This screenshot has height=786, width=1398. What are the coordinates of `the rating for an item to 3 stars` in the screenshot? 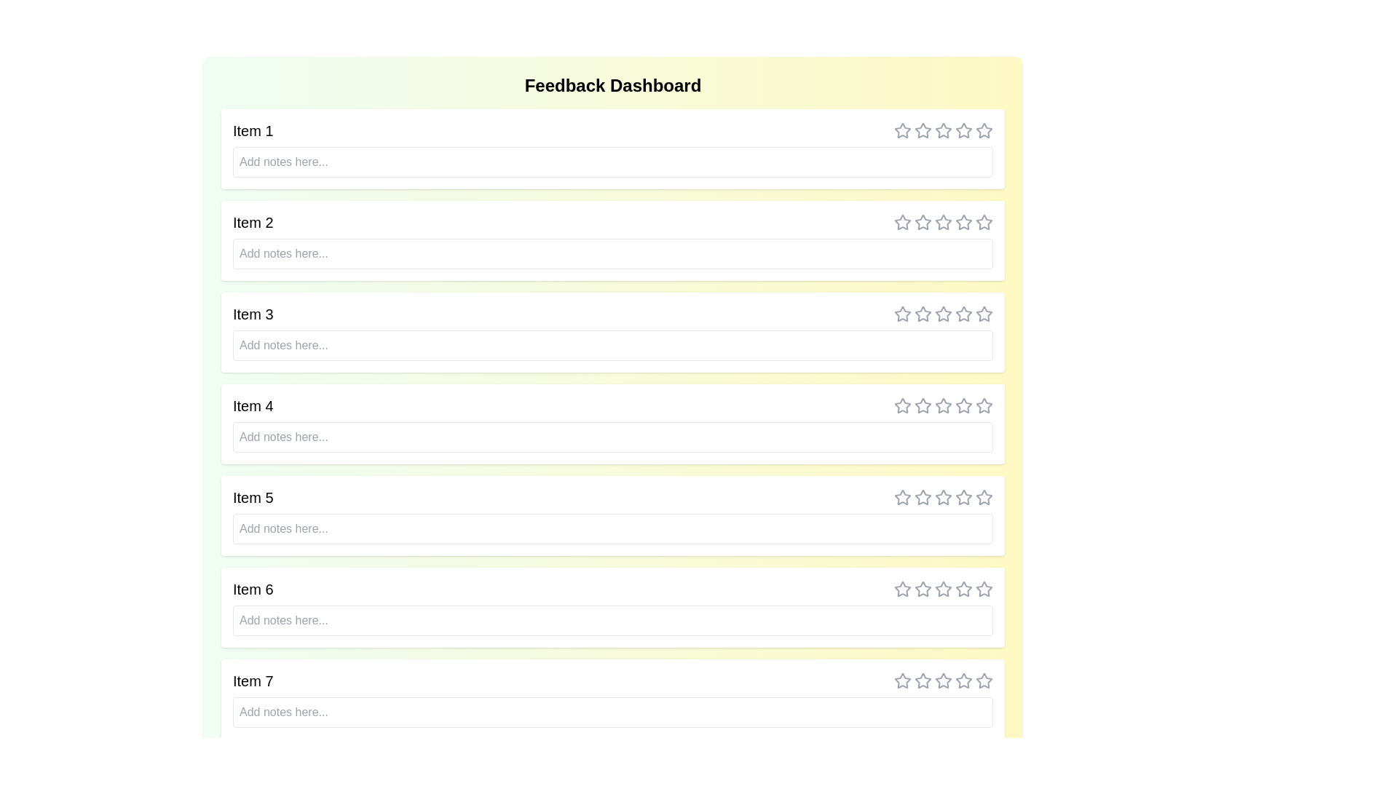 It's located at (944, 131).